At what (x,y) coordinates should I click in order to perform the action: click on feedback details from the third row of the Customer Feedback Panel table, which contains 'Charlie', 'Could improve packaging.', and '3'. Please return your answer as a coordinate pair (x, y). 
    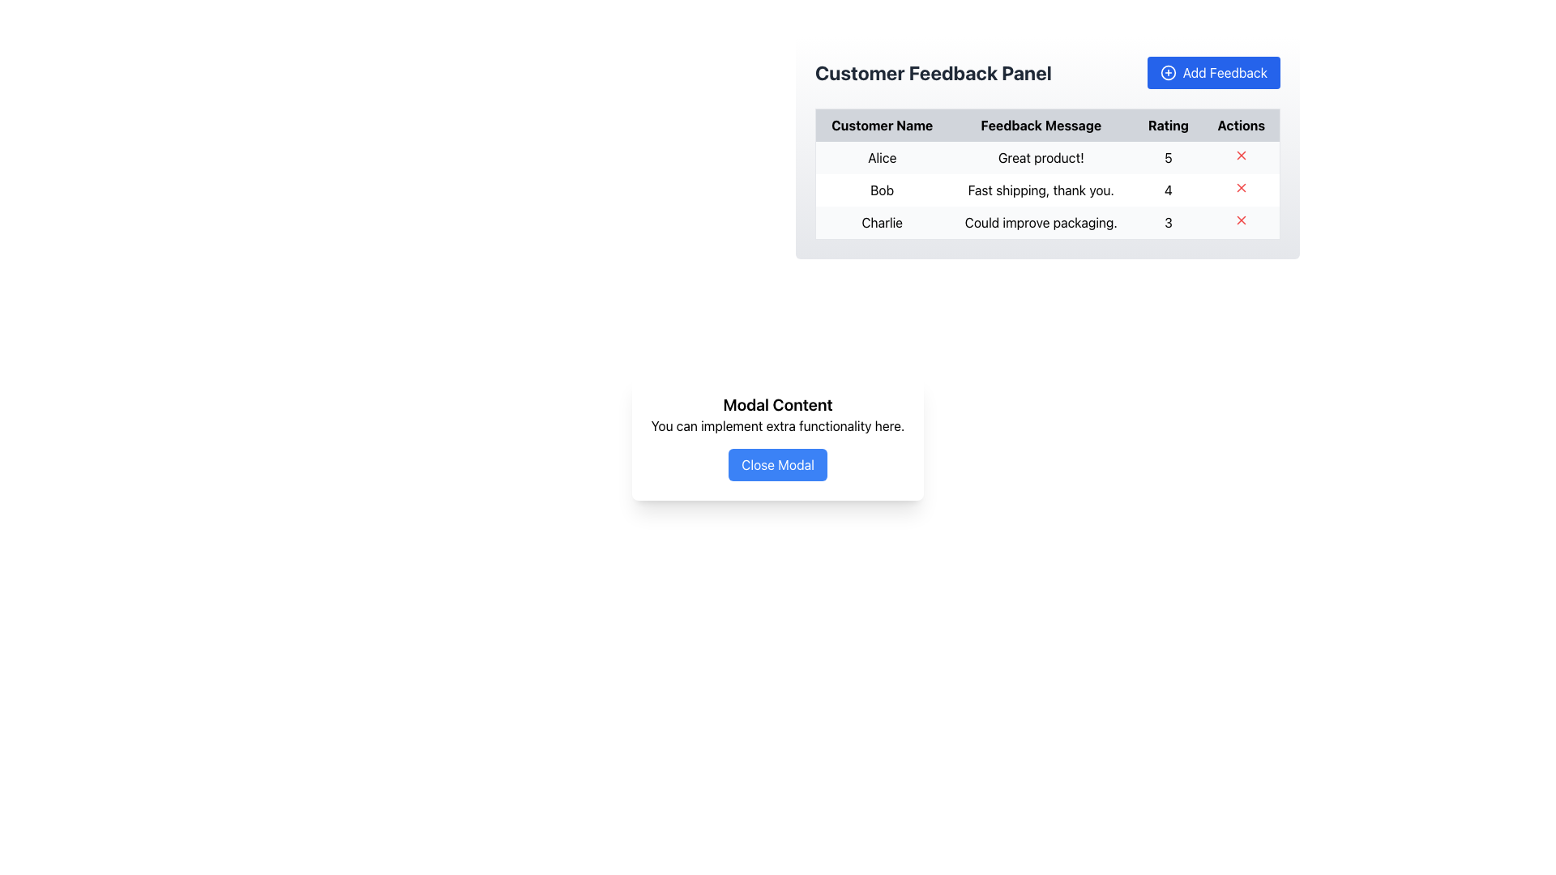
    Looking at the image, I should click on (1047, 222).